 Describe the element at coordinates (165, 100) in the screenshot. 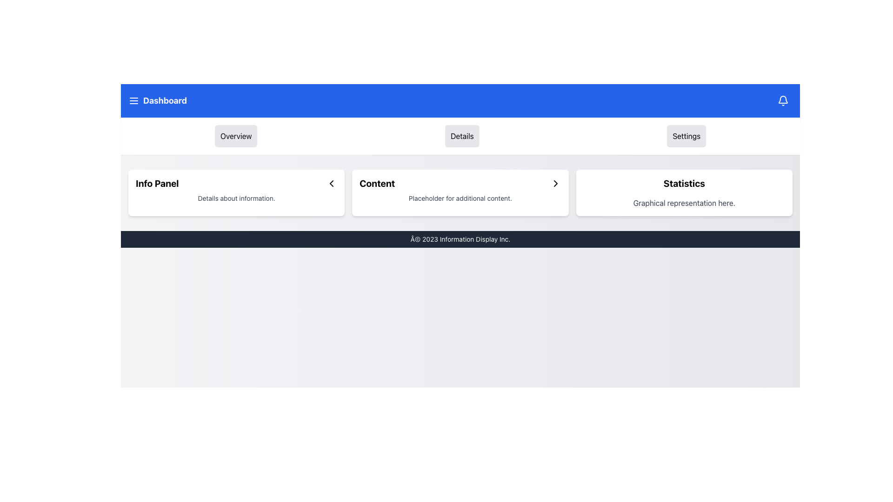

I see `'Dashboard' label located in the blue navigation bar at the top-left corner of the interface, next to the menu icon and notification icon` at that location.